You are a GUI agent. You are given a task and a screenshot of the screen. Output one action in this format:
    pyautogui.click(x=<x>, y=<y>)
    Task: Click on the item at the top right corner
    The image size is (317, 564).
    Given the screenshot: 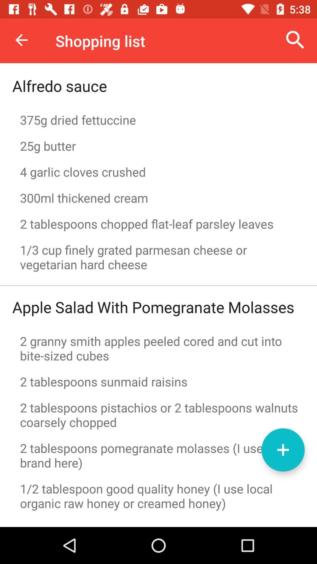 What is the action you would take?
    pyautogui.click(x=295, y=40)
    